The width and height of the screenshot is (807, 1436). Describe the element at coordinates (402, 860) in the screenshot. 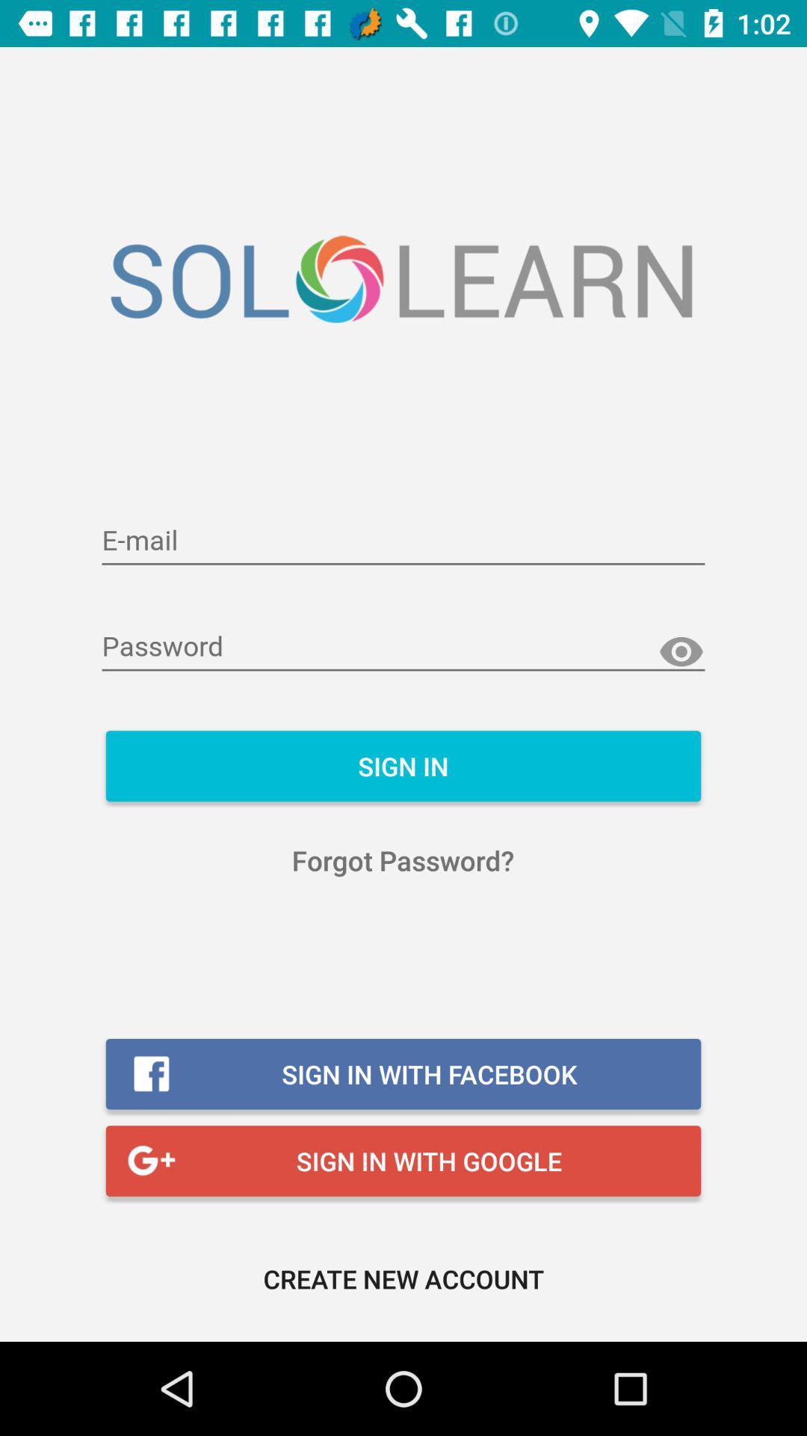

I see `the forgot password? item` at that location.